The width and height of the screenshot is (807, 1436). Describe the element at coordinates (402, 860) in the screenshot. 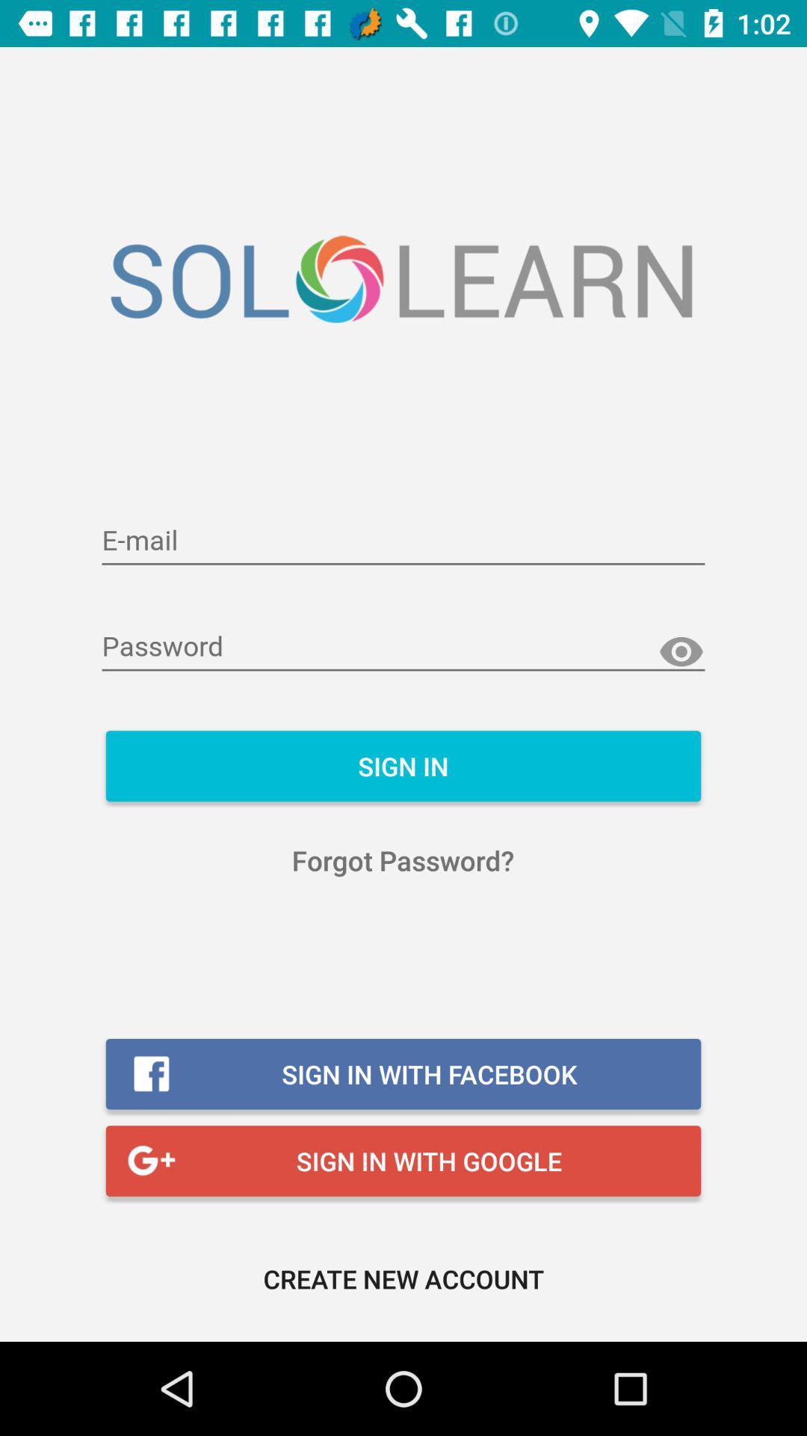

I see `the forgot password? item` at that location.